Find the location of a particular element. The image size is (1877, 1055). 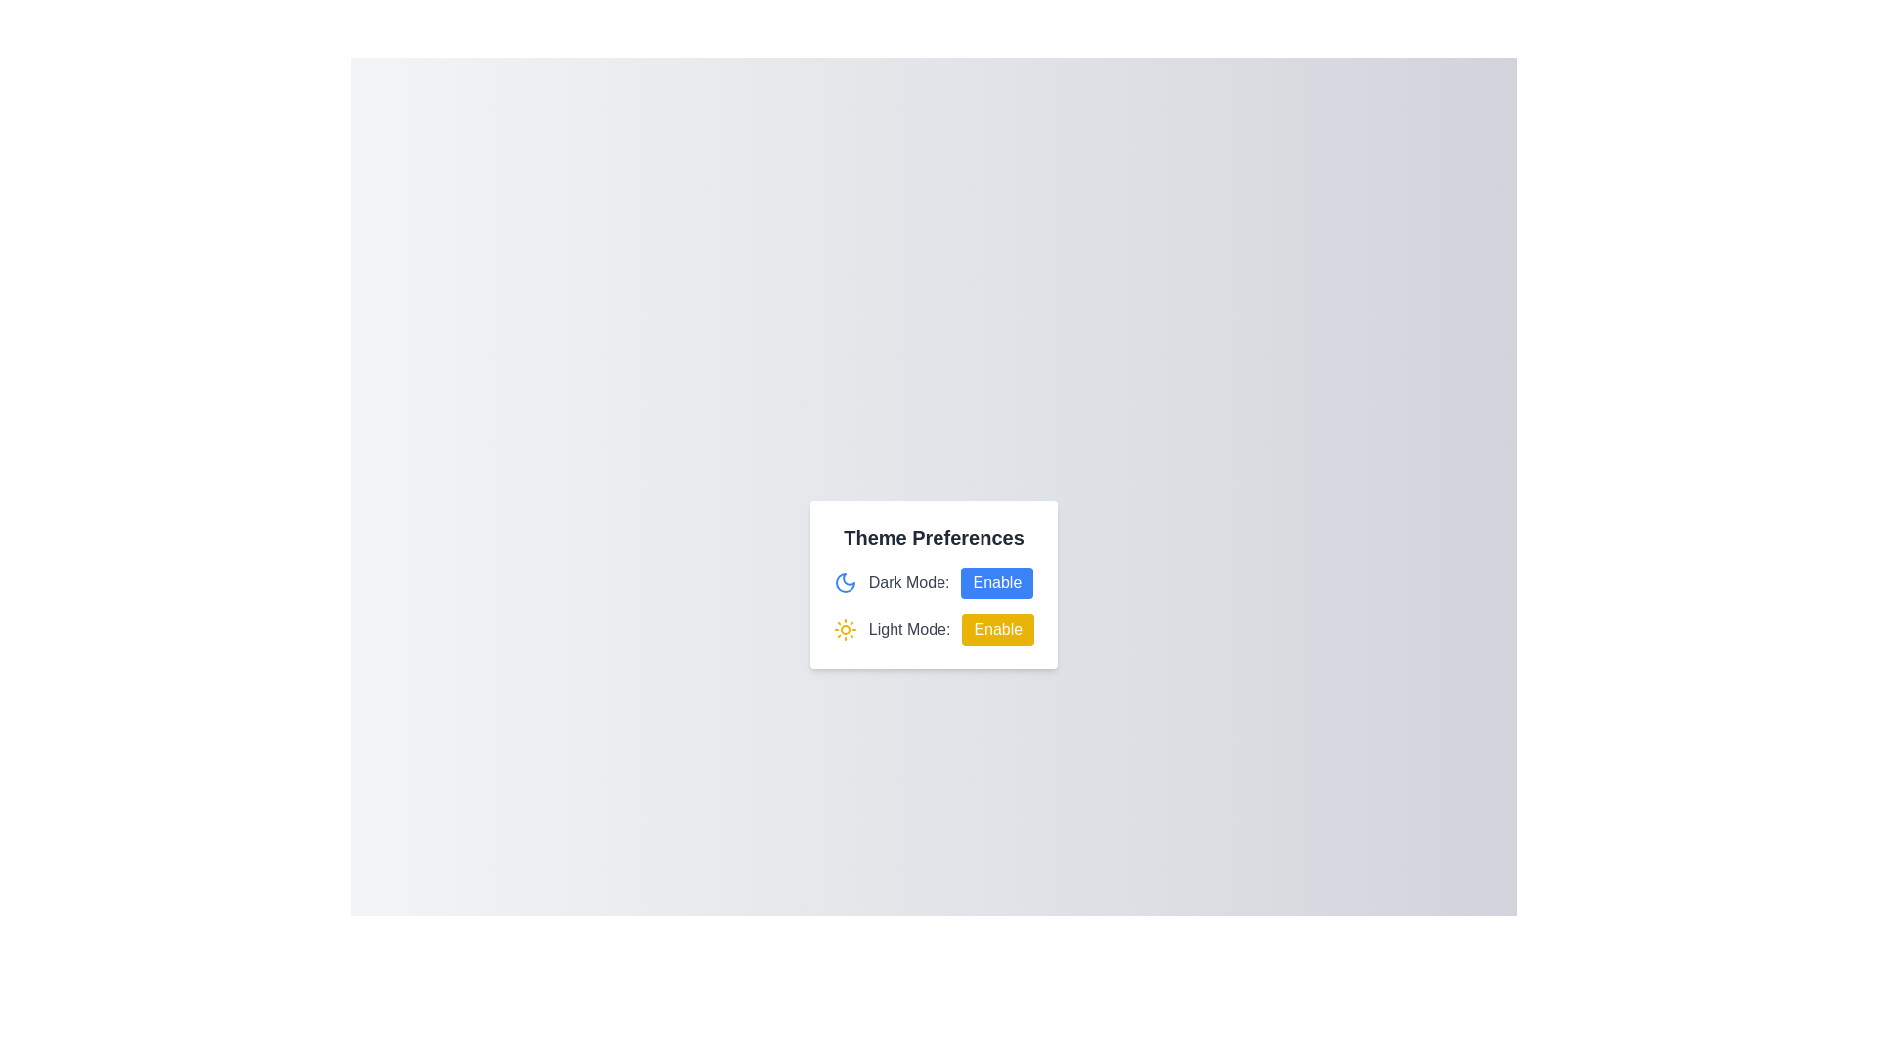

the heading indicating theme preferences, which is centrally located above the 'Dark Mode' and 'Light Mode' toggle buttons is located at coordinates (933, 538).